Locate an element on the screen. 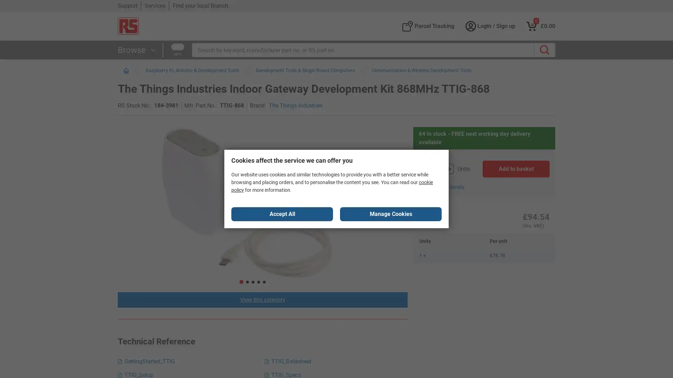 The image size is (673, 378). Gallery asset 2 of 5 is located at coordinates (137, 186).